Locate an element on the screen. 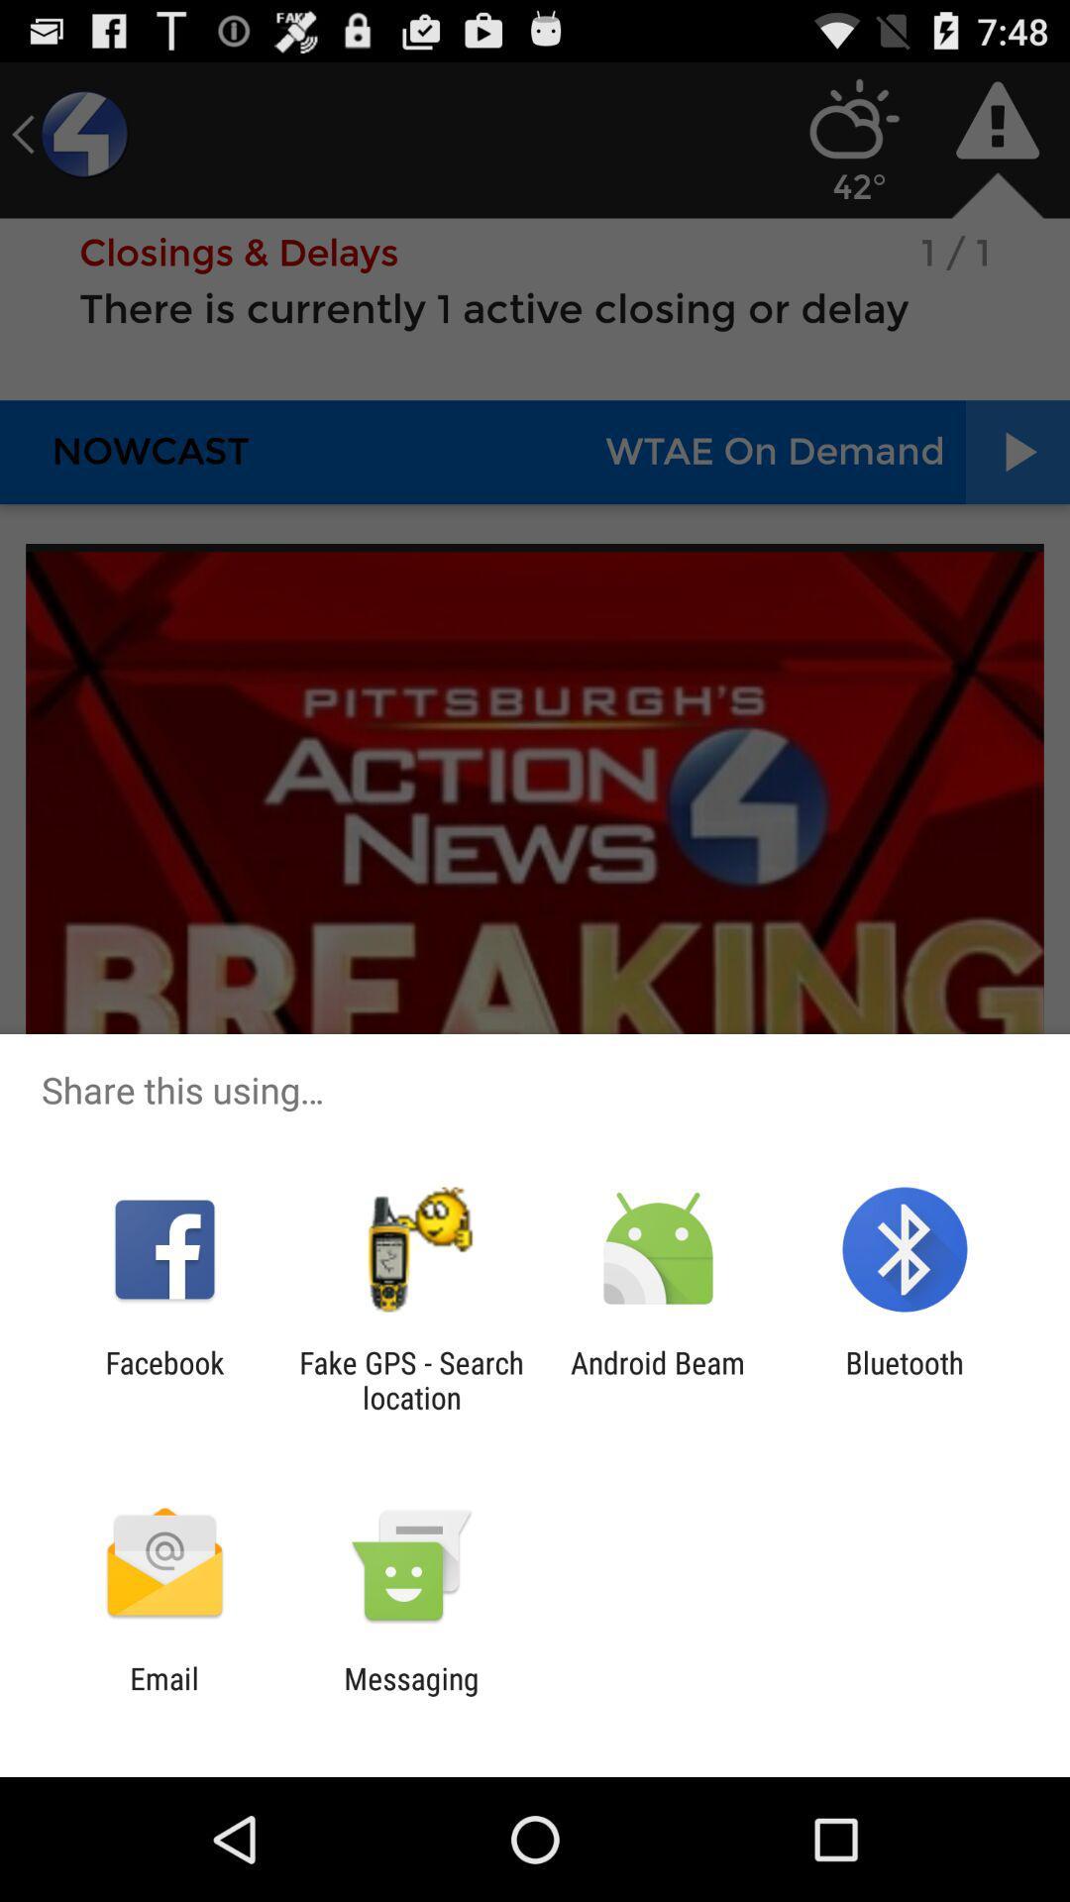 This screenshot has height=1902, width=1070. fake gps search app is located at coordinates (410, 1379).